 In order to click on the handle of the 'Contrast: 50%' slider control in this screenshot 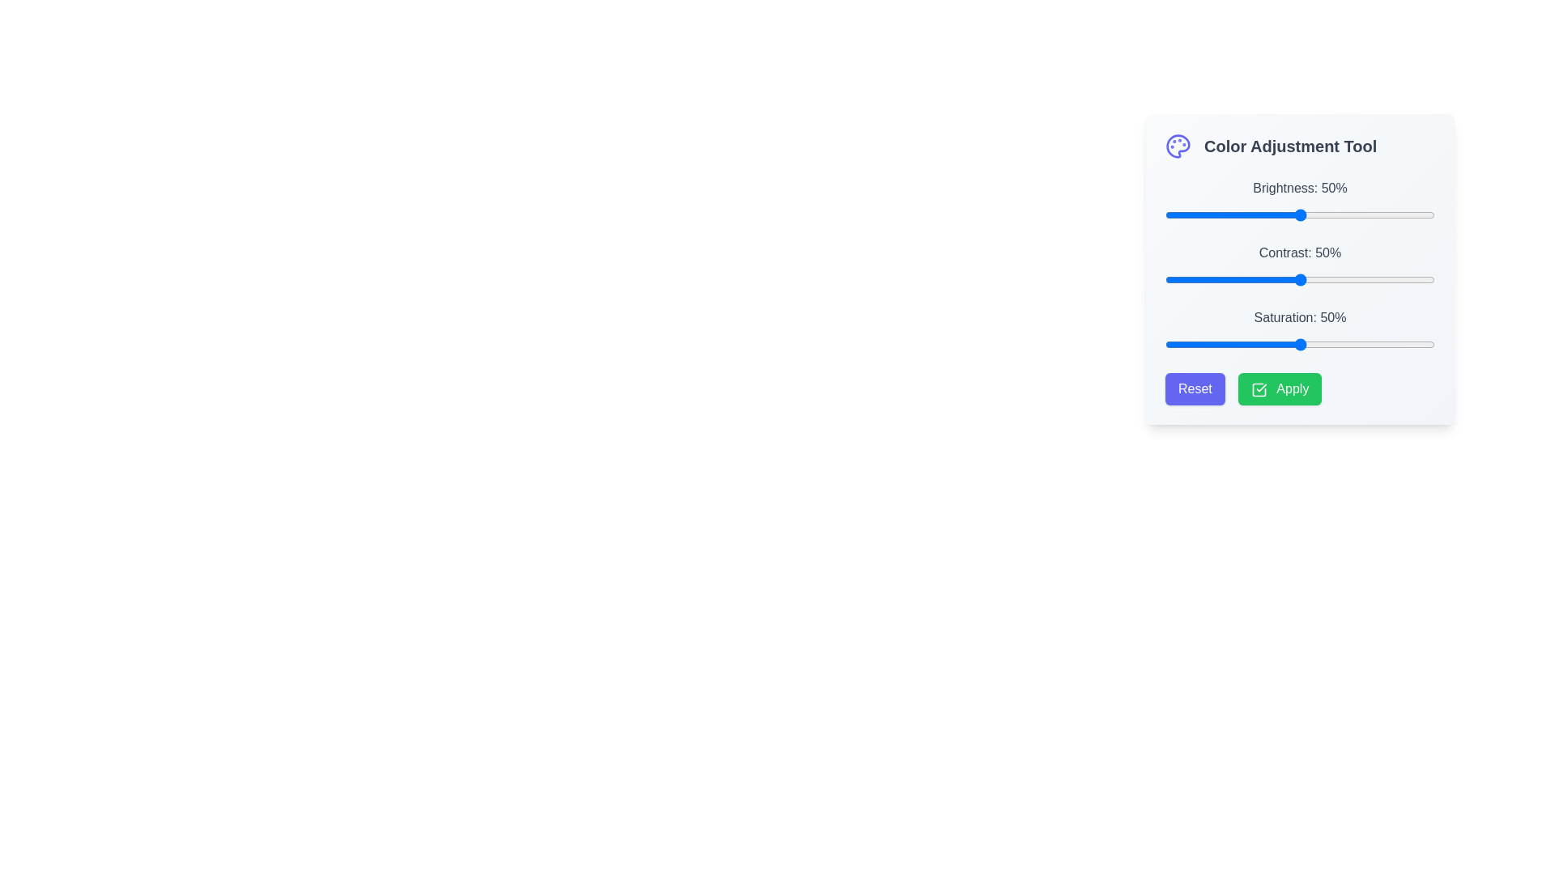, I will do `click(1300, 265)`.